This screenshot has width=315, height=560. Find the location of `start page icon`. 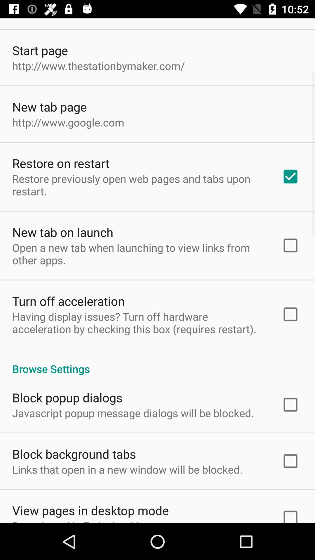

start page icon is located at coordinates (40, 50).